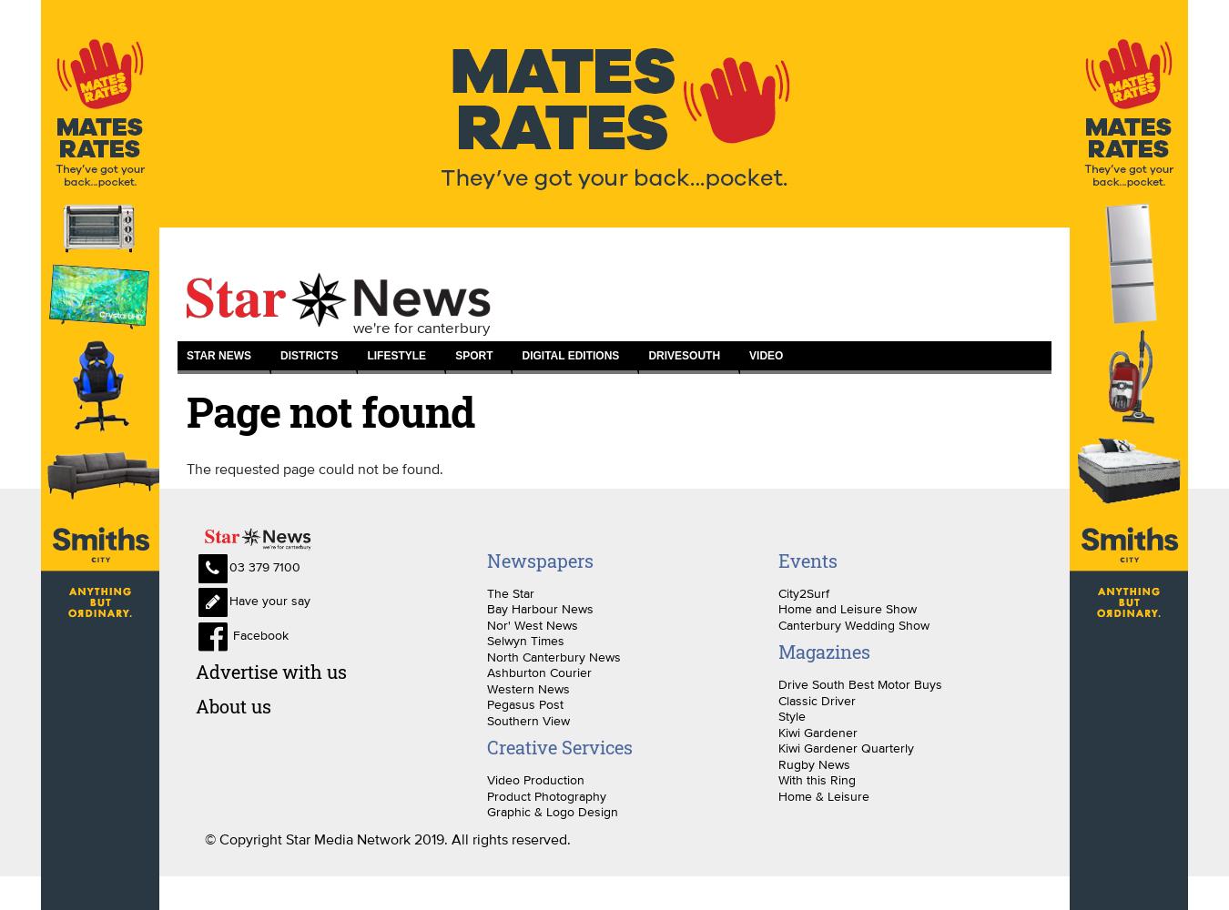  I want to click on 'About us', so click(232, 705).